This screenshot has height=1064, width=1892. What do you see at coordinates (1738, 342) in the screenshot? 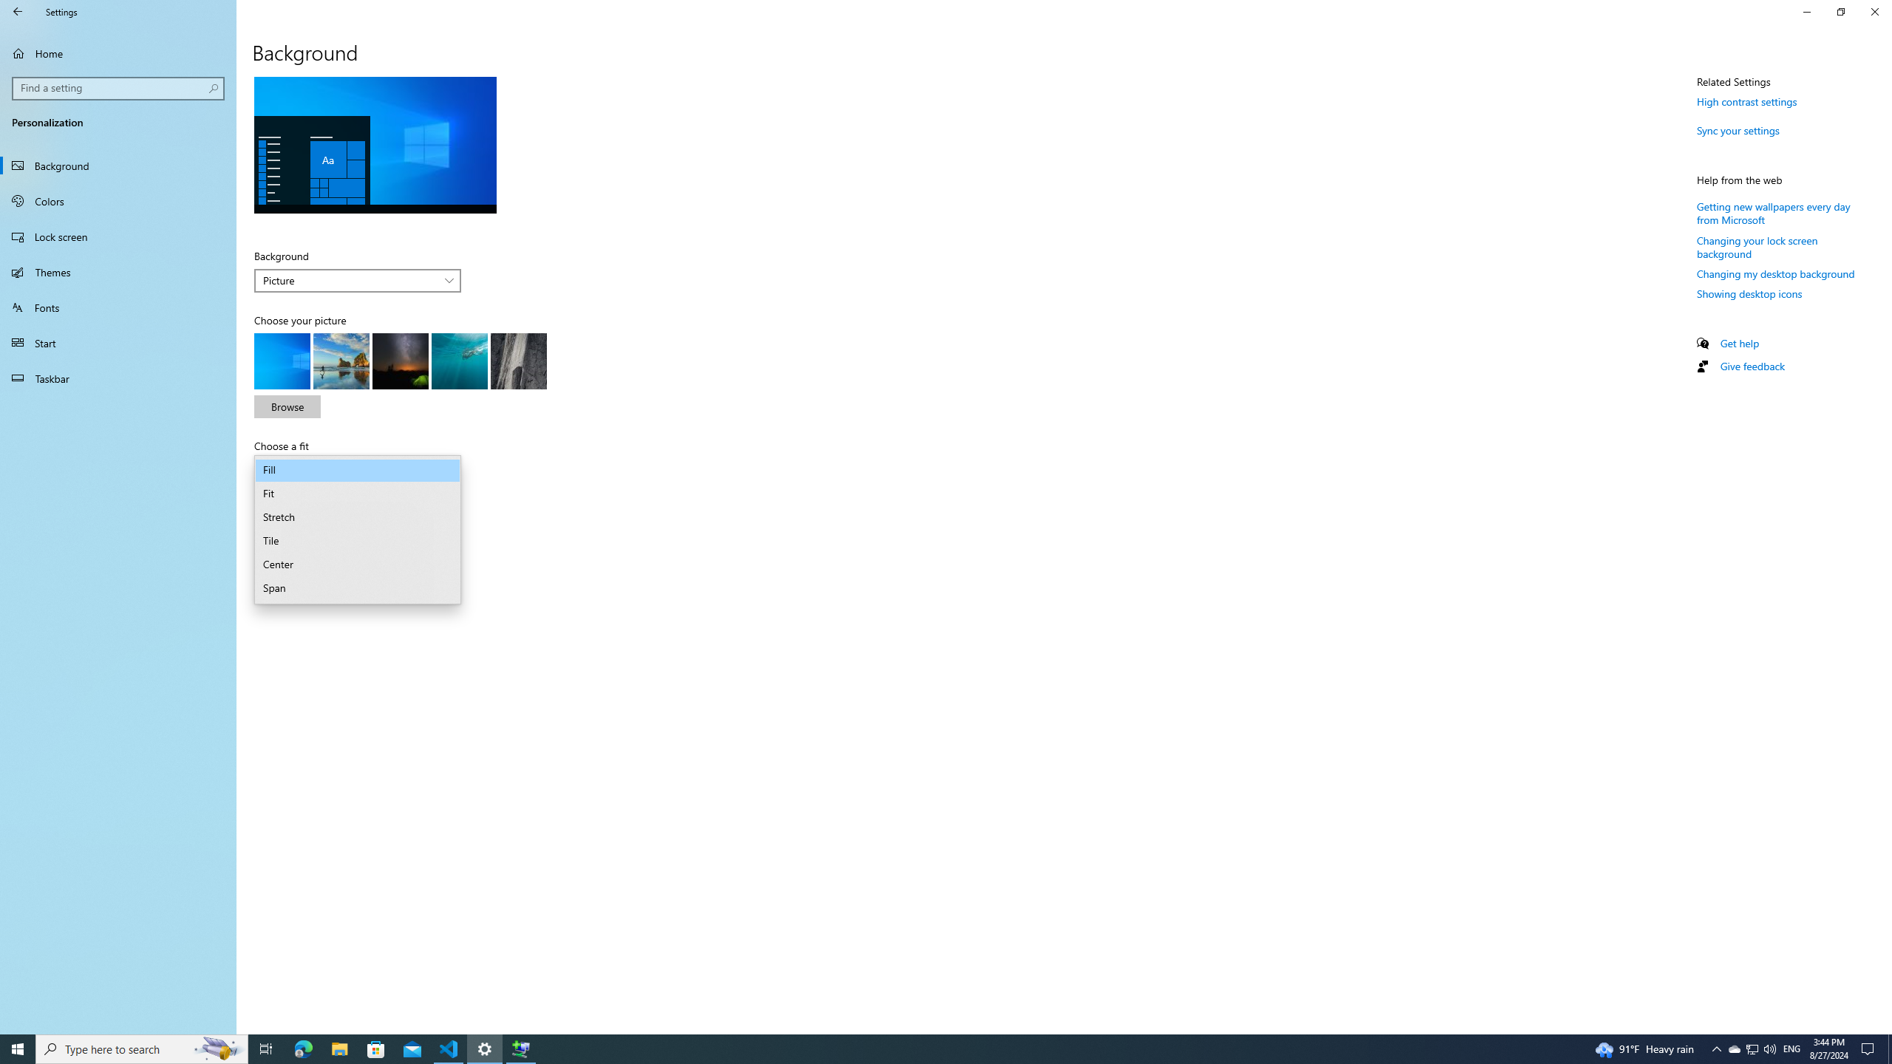
I see `'Get help'` at bounding box center [1738, 342].